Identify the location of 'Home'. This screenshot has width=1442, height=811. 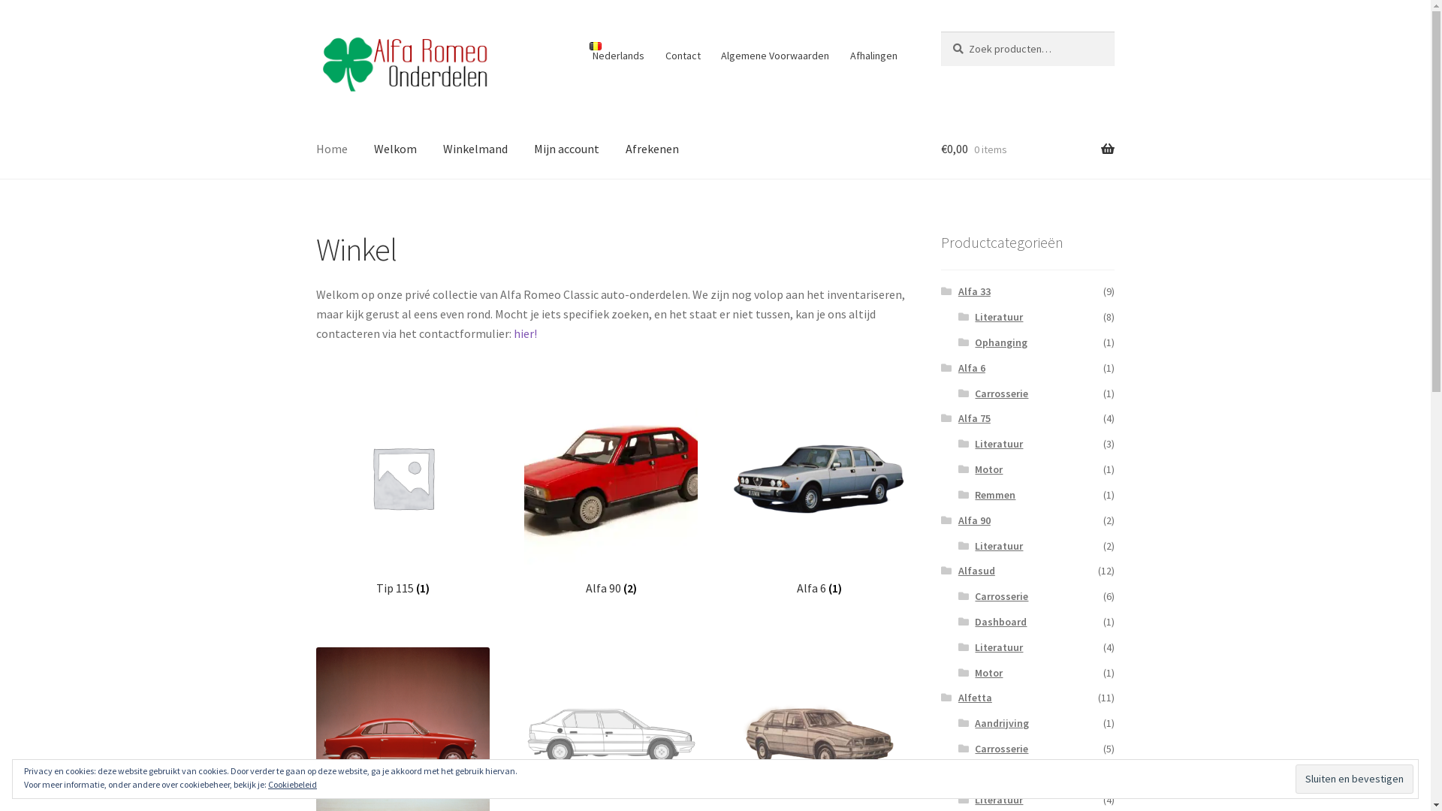
(330, 149).